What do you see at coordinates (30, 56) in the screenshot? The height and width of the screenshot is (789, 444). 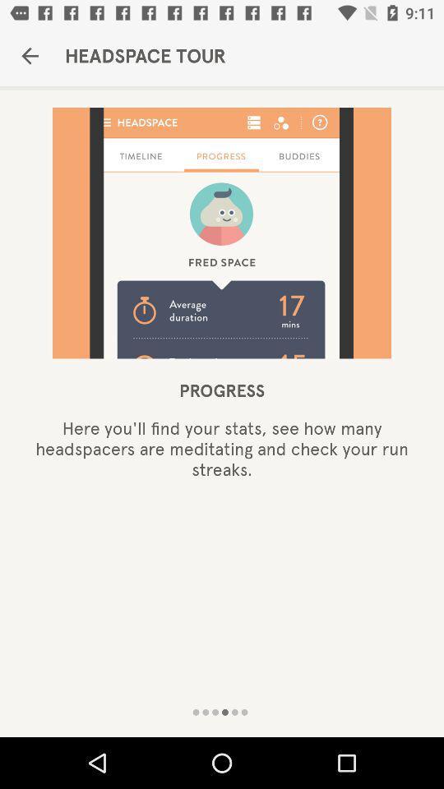 I see `the icon next to headspace tour` at bounding box center [30, 56].